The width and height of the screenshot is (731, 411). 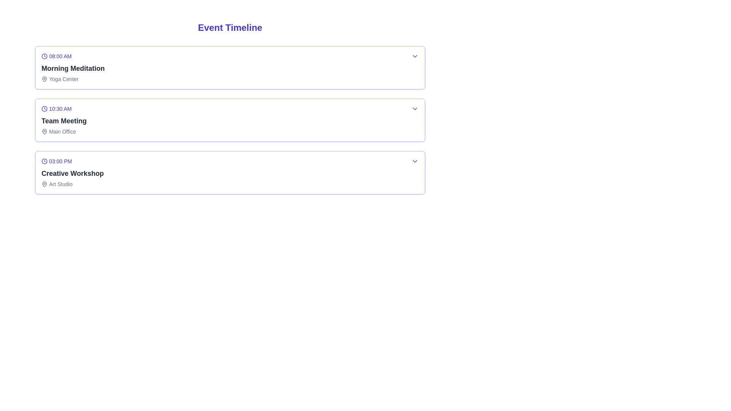 I want to click on the small gray map pin icon located to the left of the 'Yoga Center' text in the 'Morning Meditation' event card, so click(x=44, y=79).